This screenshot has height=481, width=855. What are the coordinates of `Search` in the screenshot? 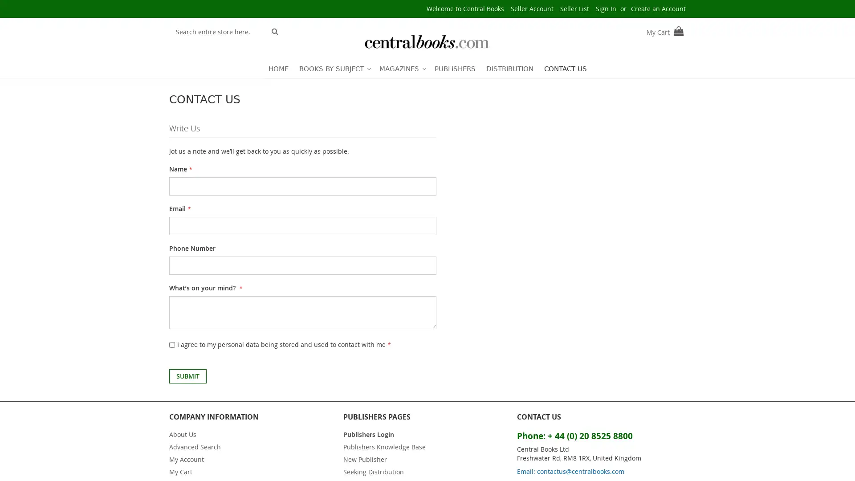 It's located at (274, 30).